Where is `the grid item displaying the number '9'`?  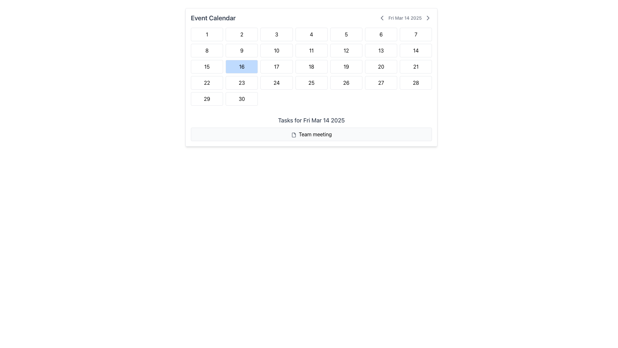 the grid item displaying the number '9' is located at coordinates (241, 50).